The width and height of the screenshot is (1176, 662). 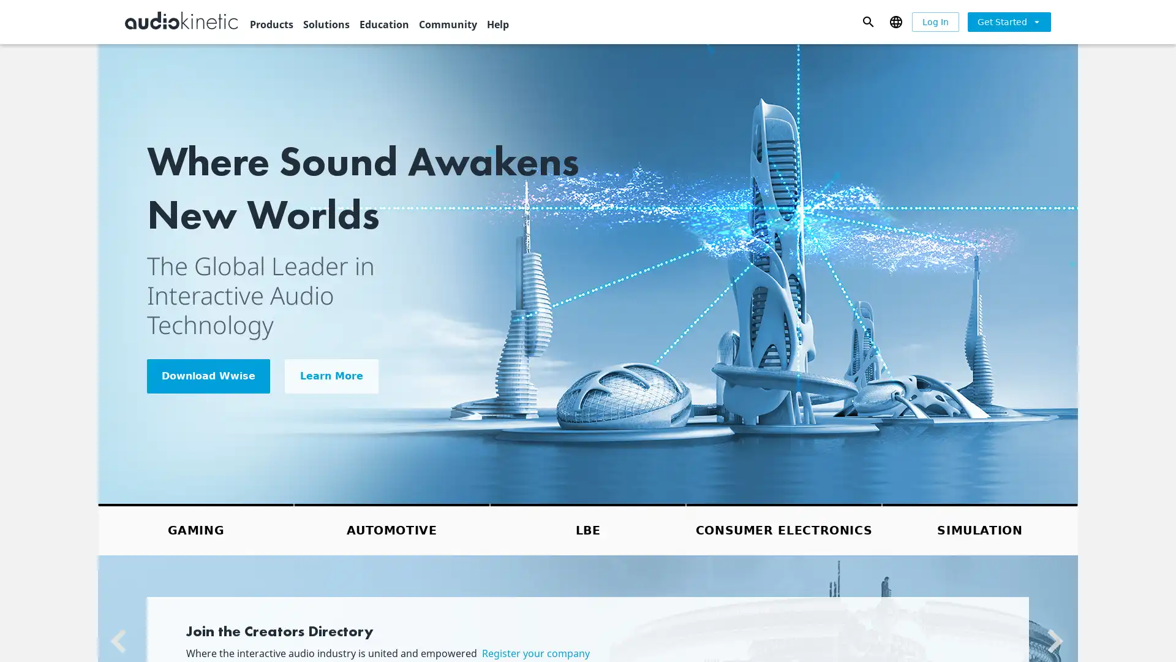 I want to click on LBE, so click(x=588, y=528).